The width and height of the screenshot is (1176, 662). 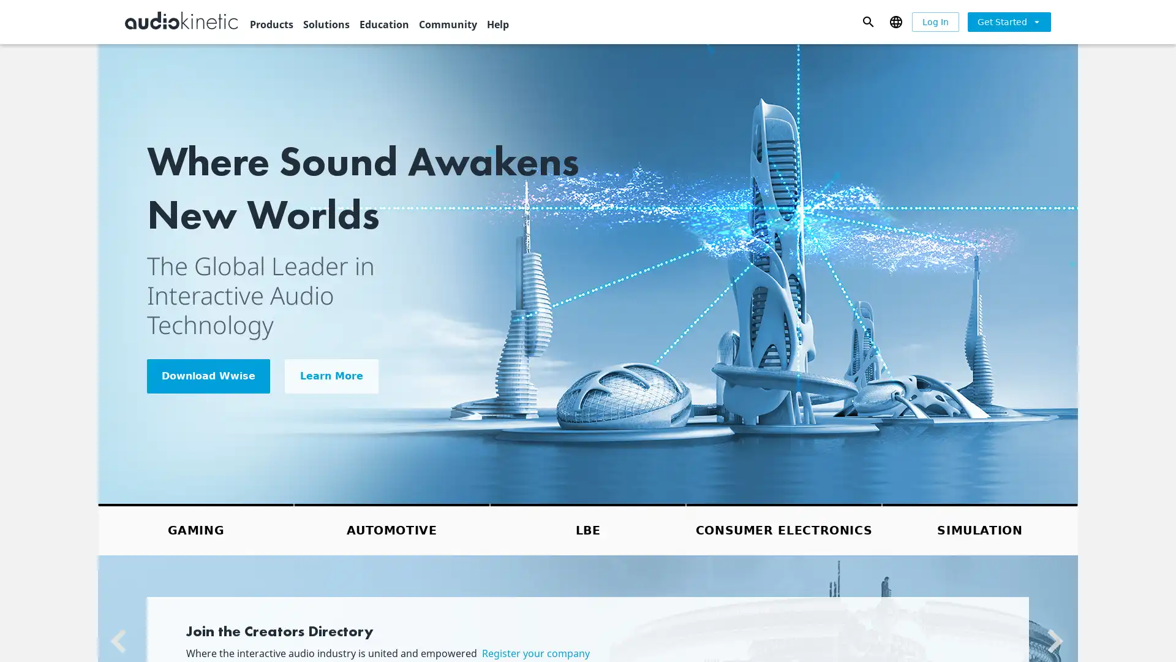 I want to click on LBE, so click(x=588, y=528).